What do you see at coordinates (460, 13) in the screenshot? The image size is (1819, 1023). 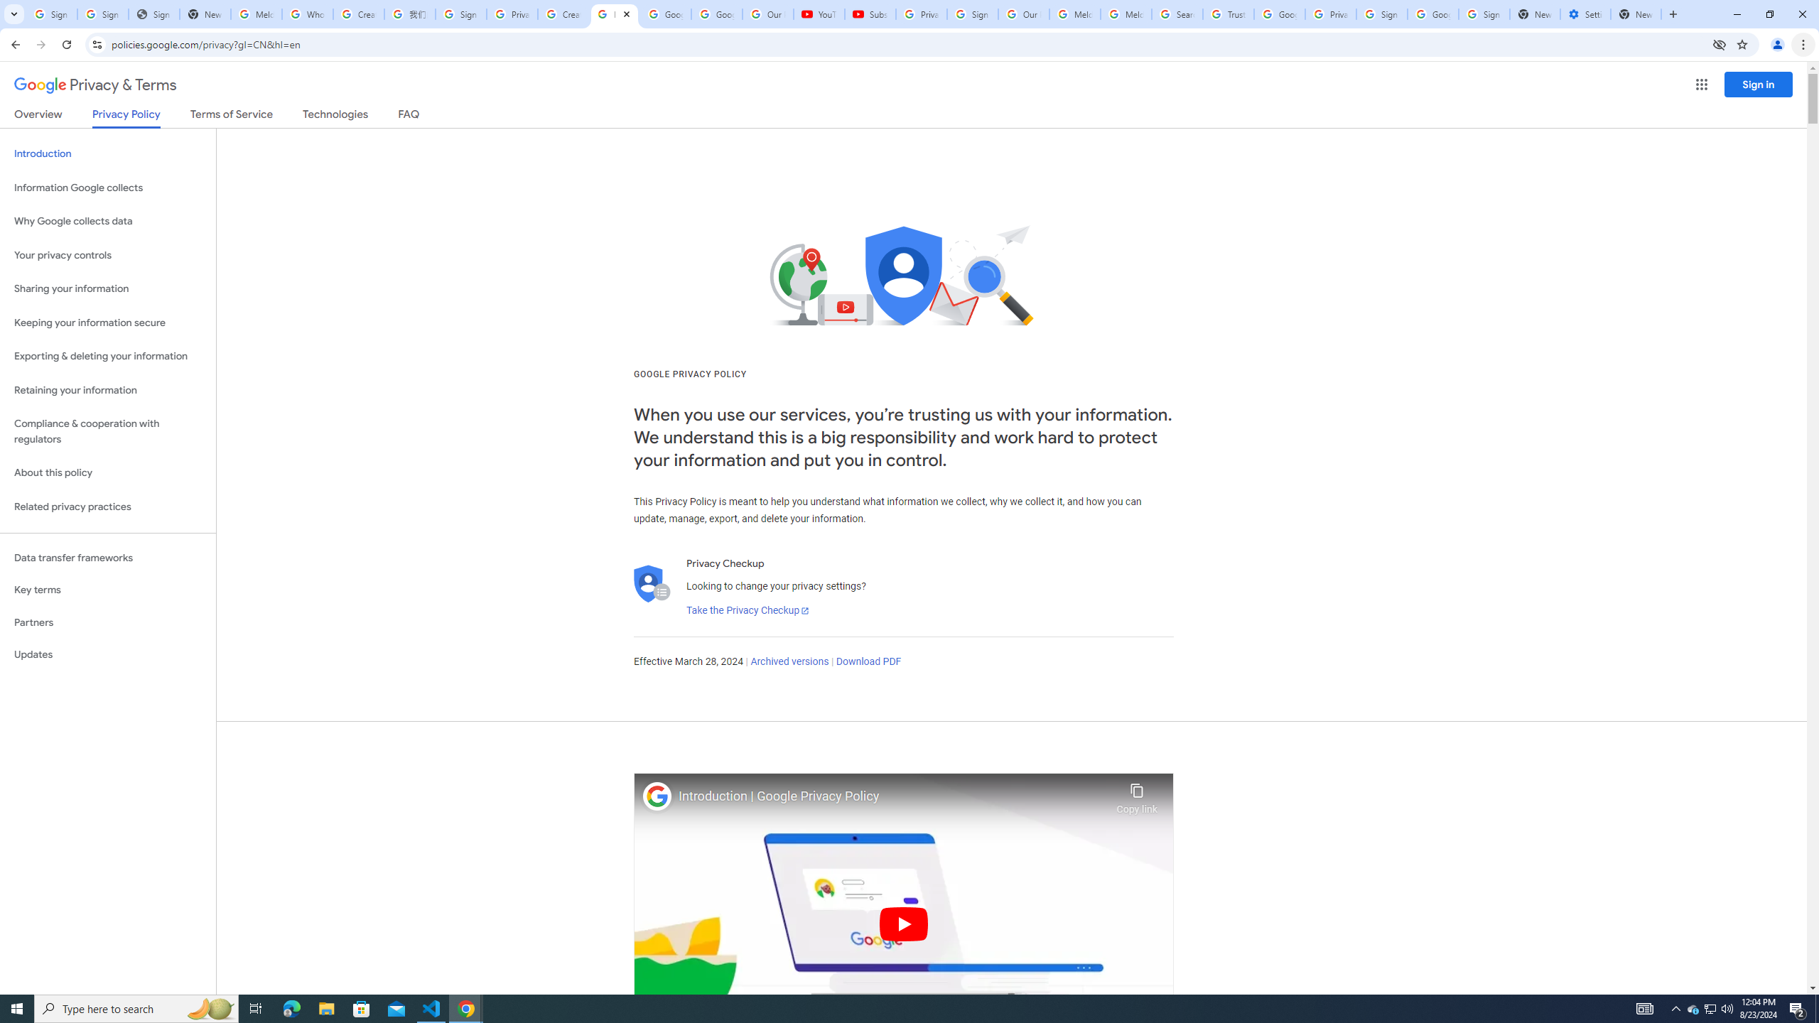 I see `'Sign in - Google Accounts'` at bounding box center [460, 13].